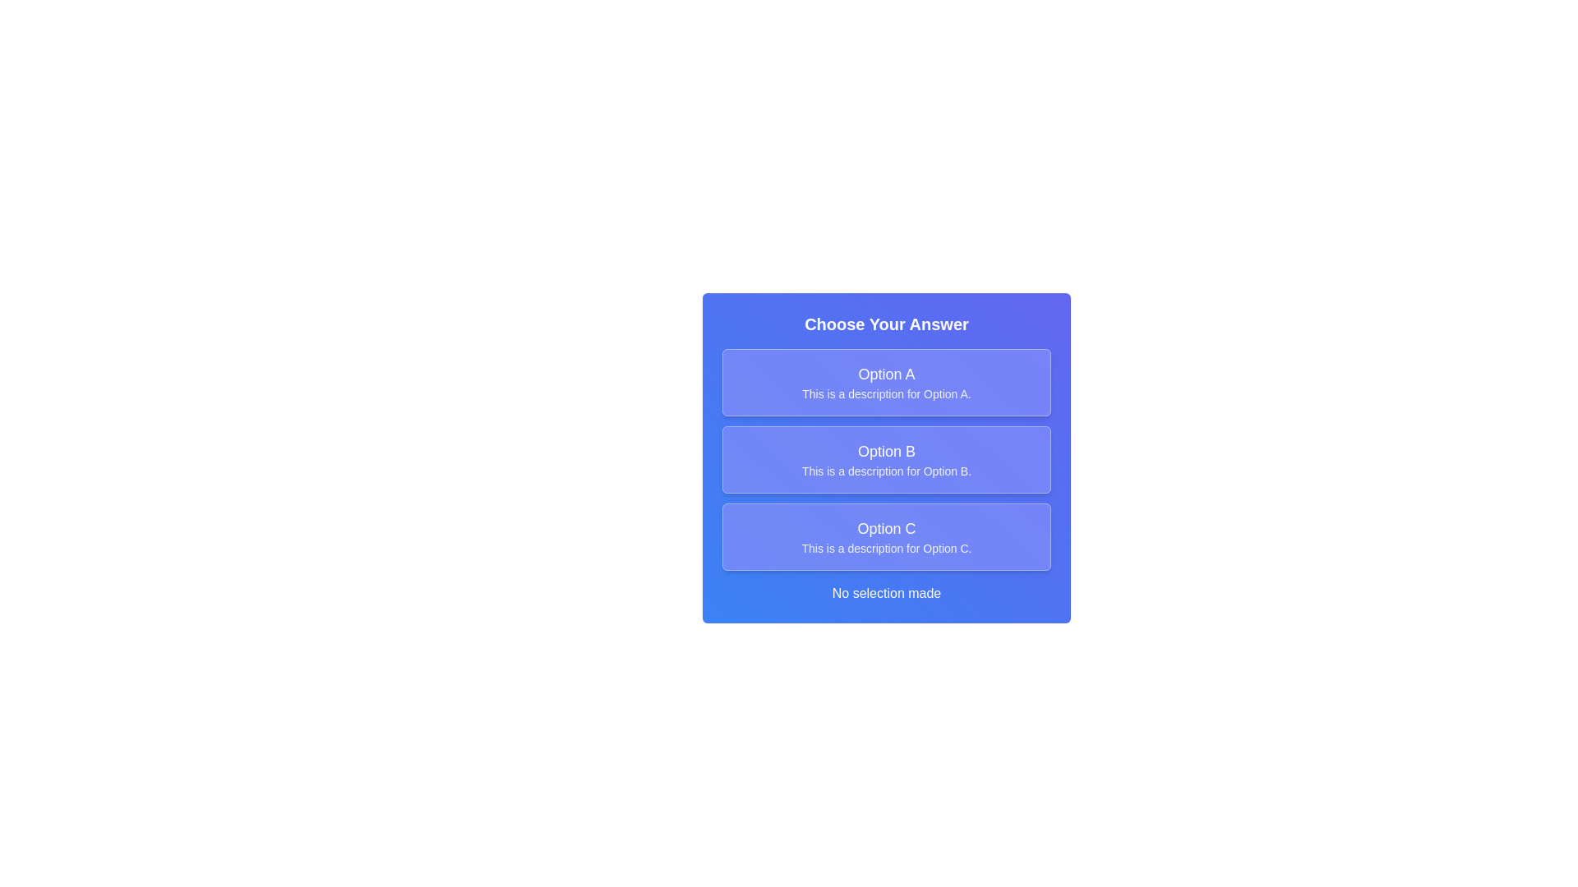 The height and width of the screenshot is (887, 1578). I want to click on the text label providing additional descriptive information related to the 'Option C' answer option, located below the 'Option C' text in the third rectangular section of the answer selection list, so click(886, 548).